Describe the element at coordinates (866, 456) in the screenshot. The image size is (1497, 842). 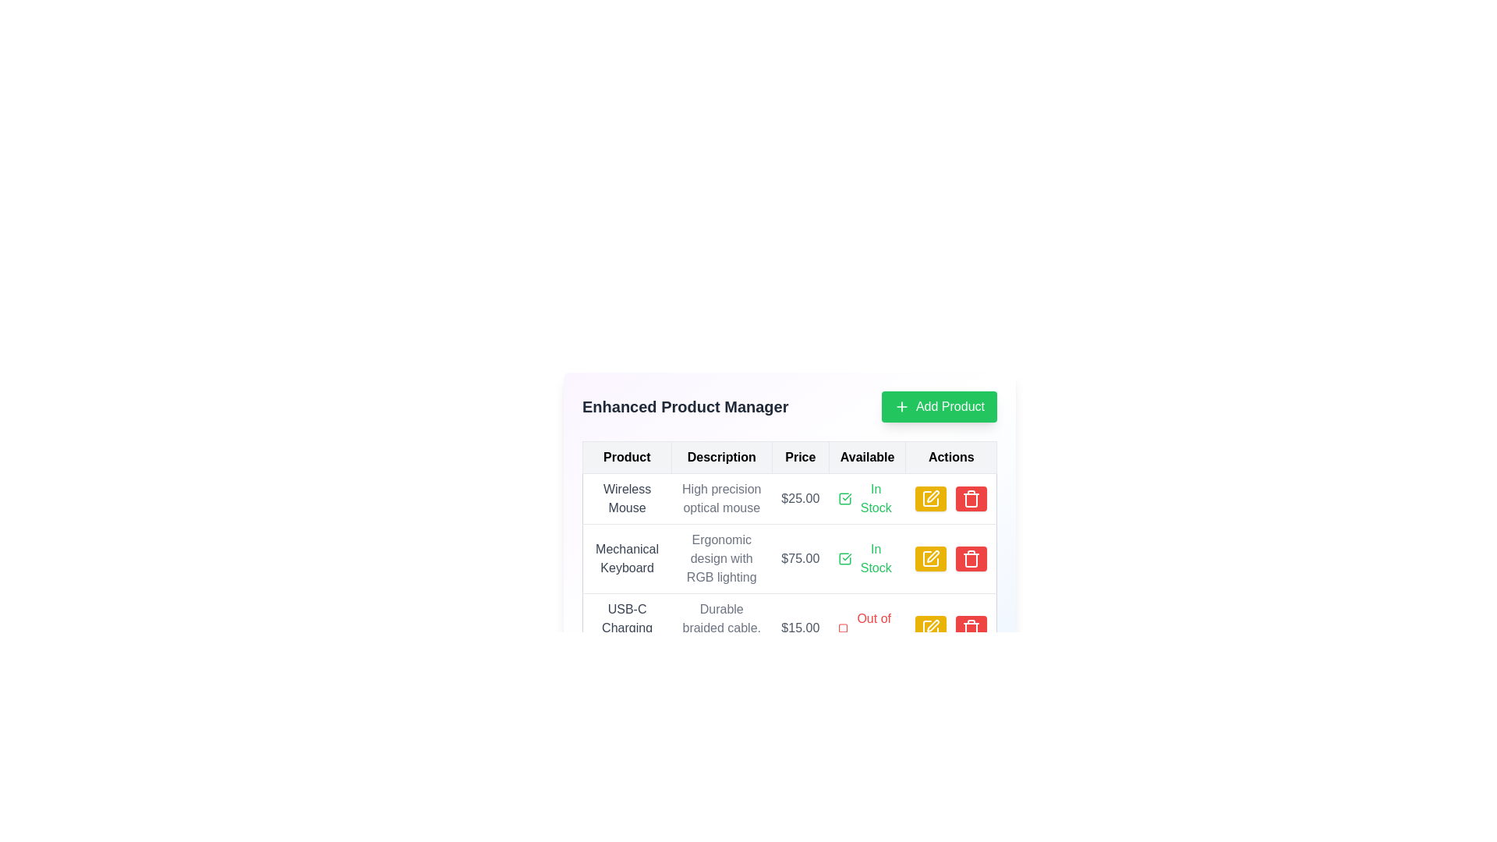
I see `the text label serving as the column header for product availability in the 'Enhanced Product Manager' table, located in the fourth column` at that location.